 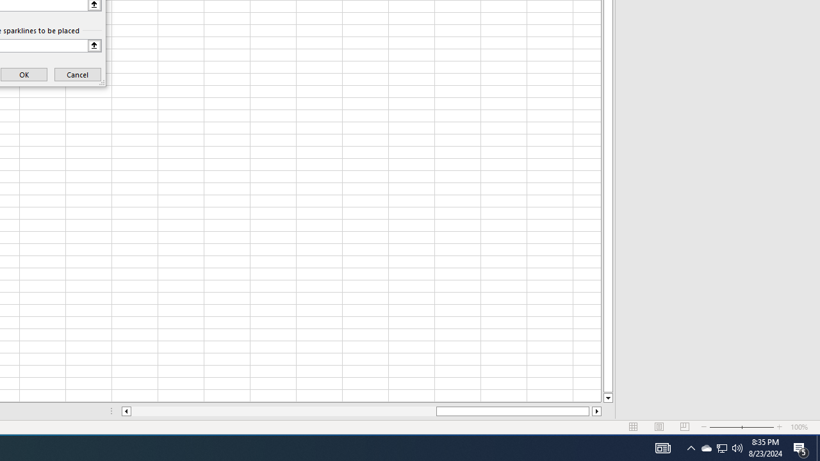 What do you see at coordinates (684, 427) in the screenshot?
I see `'Page Break Preview'` at bounding box center [684, 427].